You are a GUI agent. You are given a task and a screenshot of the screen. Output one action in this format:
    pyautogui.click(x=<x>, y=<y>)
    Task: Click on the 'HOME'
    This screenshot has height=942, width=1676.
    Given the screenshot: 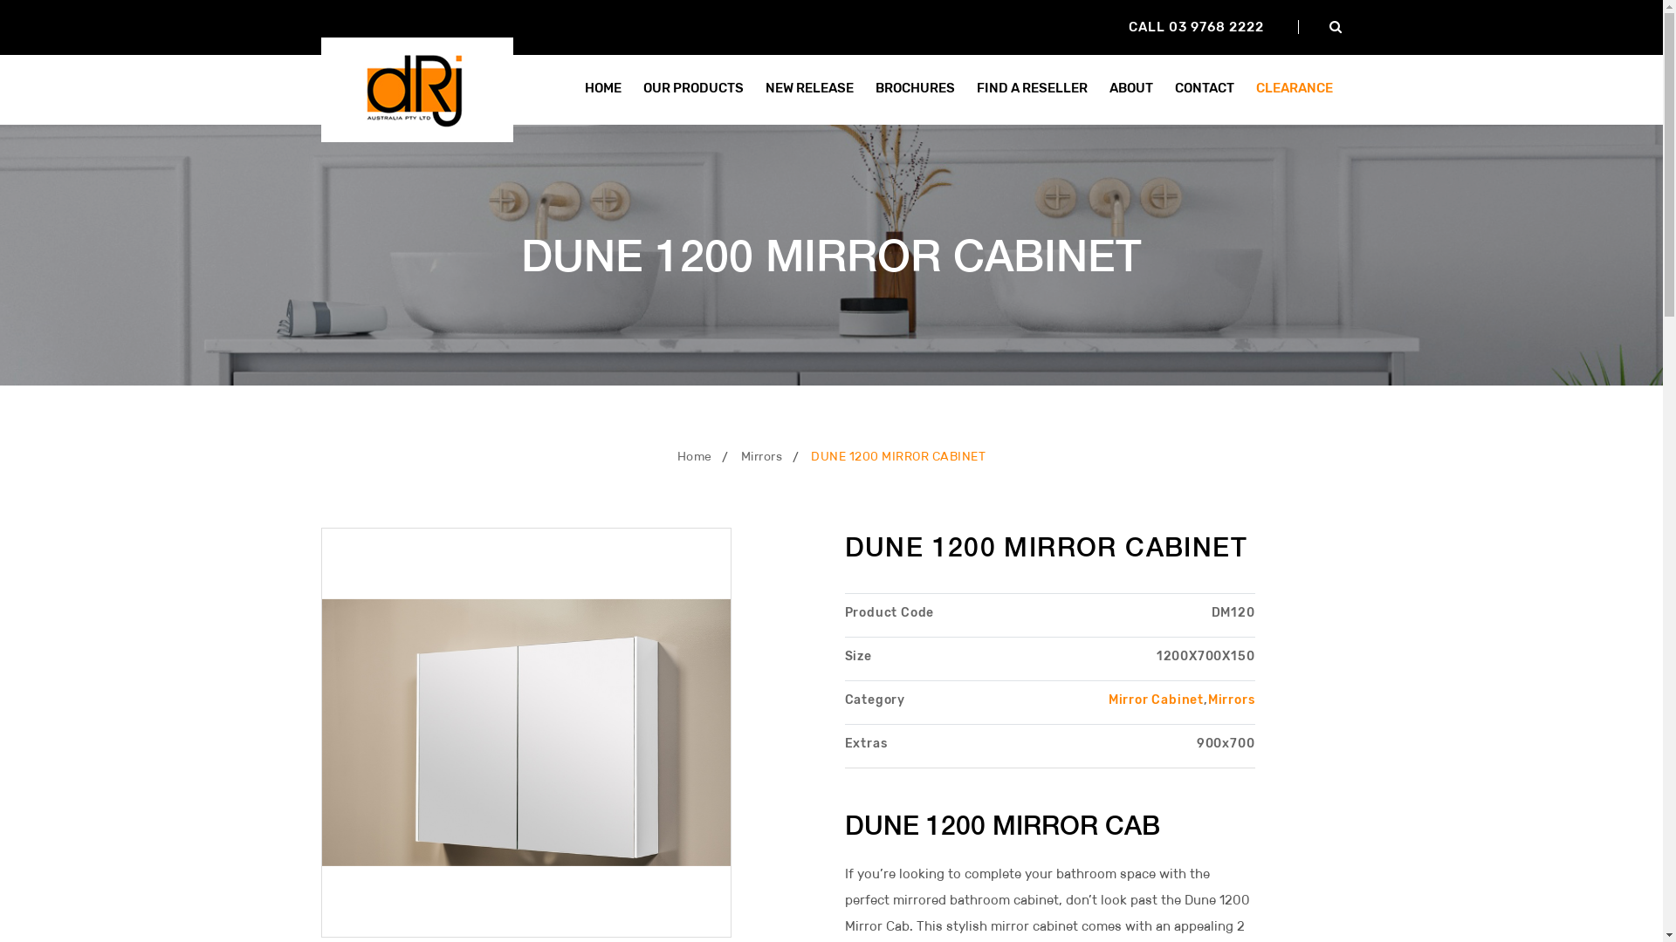 What is the action you would take?
    pyautogui.click(x=602, y=88)
    